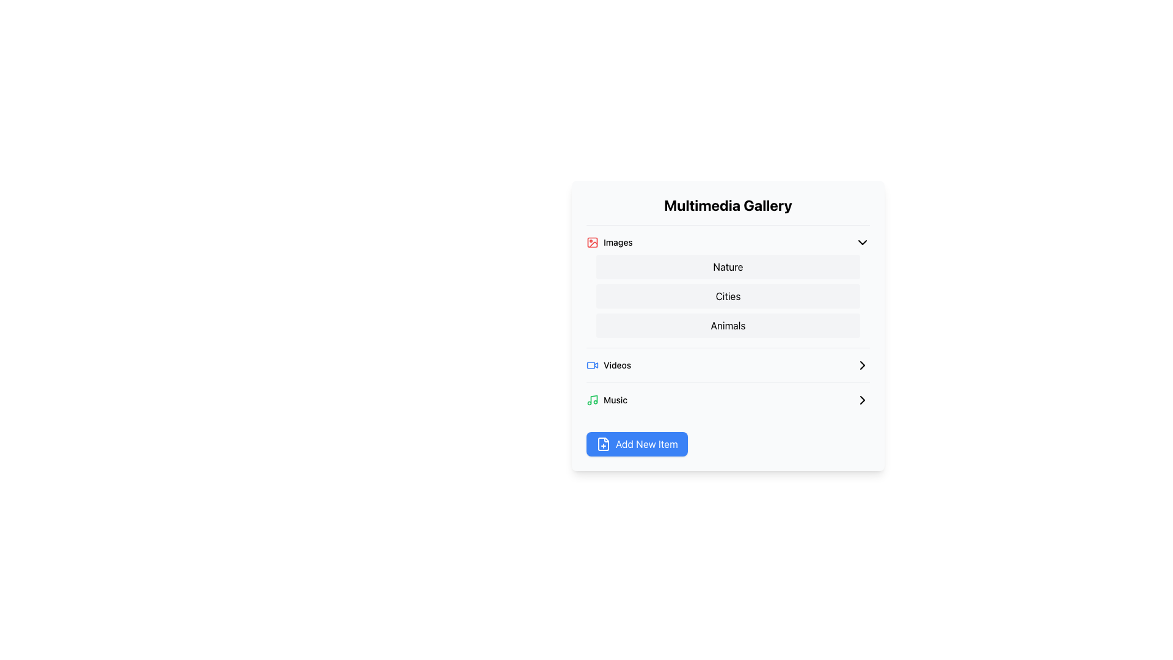 This screenshot has height=660, width=1173. What do you see at coordinates (592, 243) in the screenshot?
I see `the icon representing the 'Images' category located in the 'Multimedia Gallery' section` at bounding box center [592, 243].